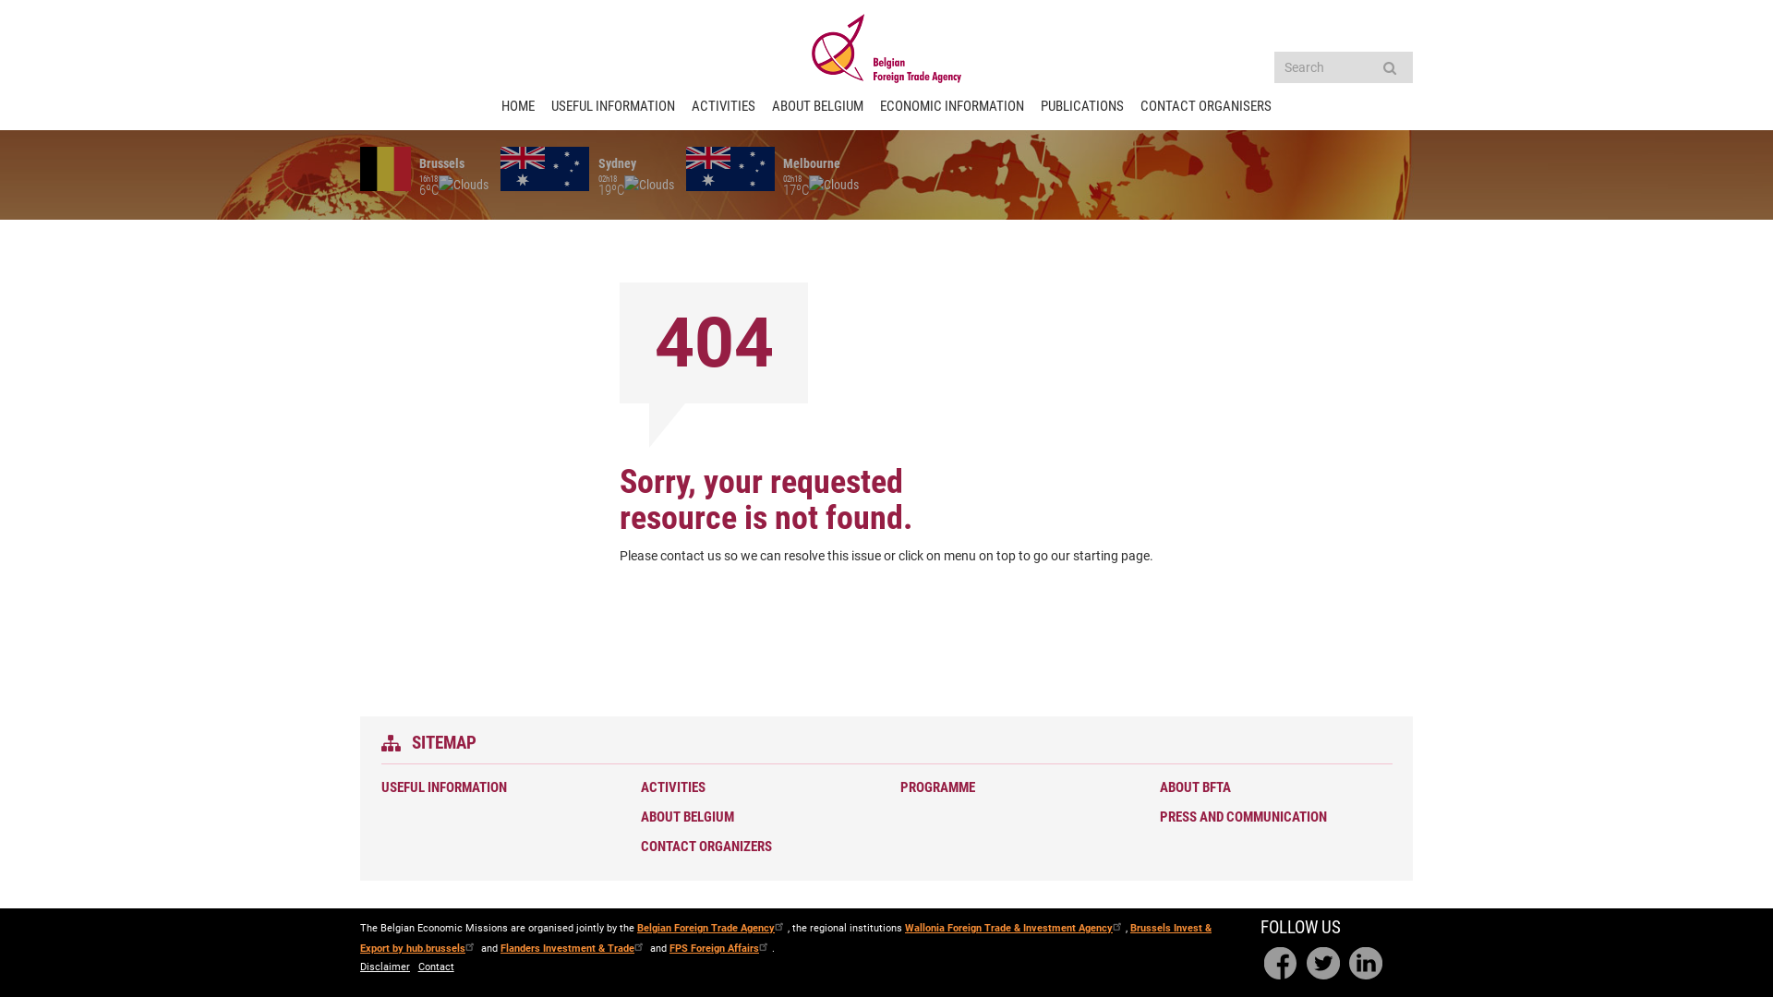 This screenshot has height=997, width=1773. I want to click on 'Back to the home page', so click(886, 47).